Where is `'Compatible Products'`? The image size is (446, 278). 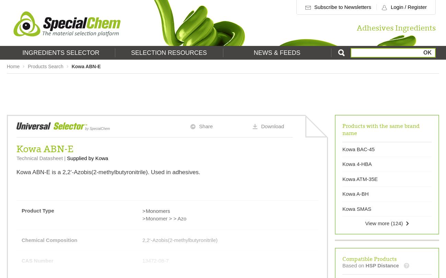 'Compatible Products' is located at coordinates (369, 258).